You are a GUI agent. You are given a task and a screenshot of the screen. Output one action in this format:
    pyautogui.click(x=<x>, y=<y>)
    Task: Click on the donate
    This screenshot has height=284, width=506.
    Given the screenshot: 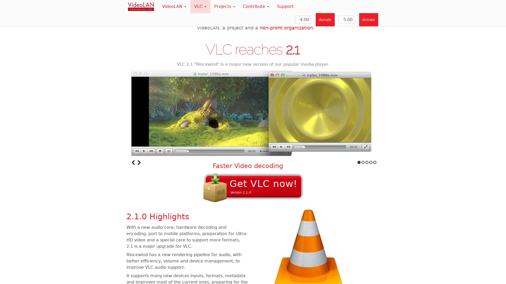 What is the action you would take?
    pyautogui.click(x=325, y=19)
    